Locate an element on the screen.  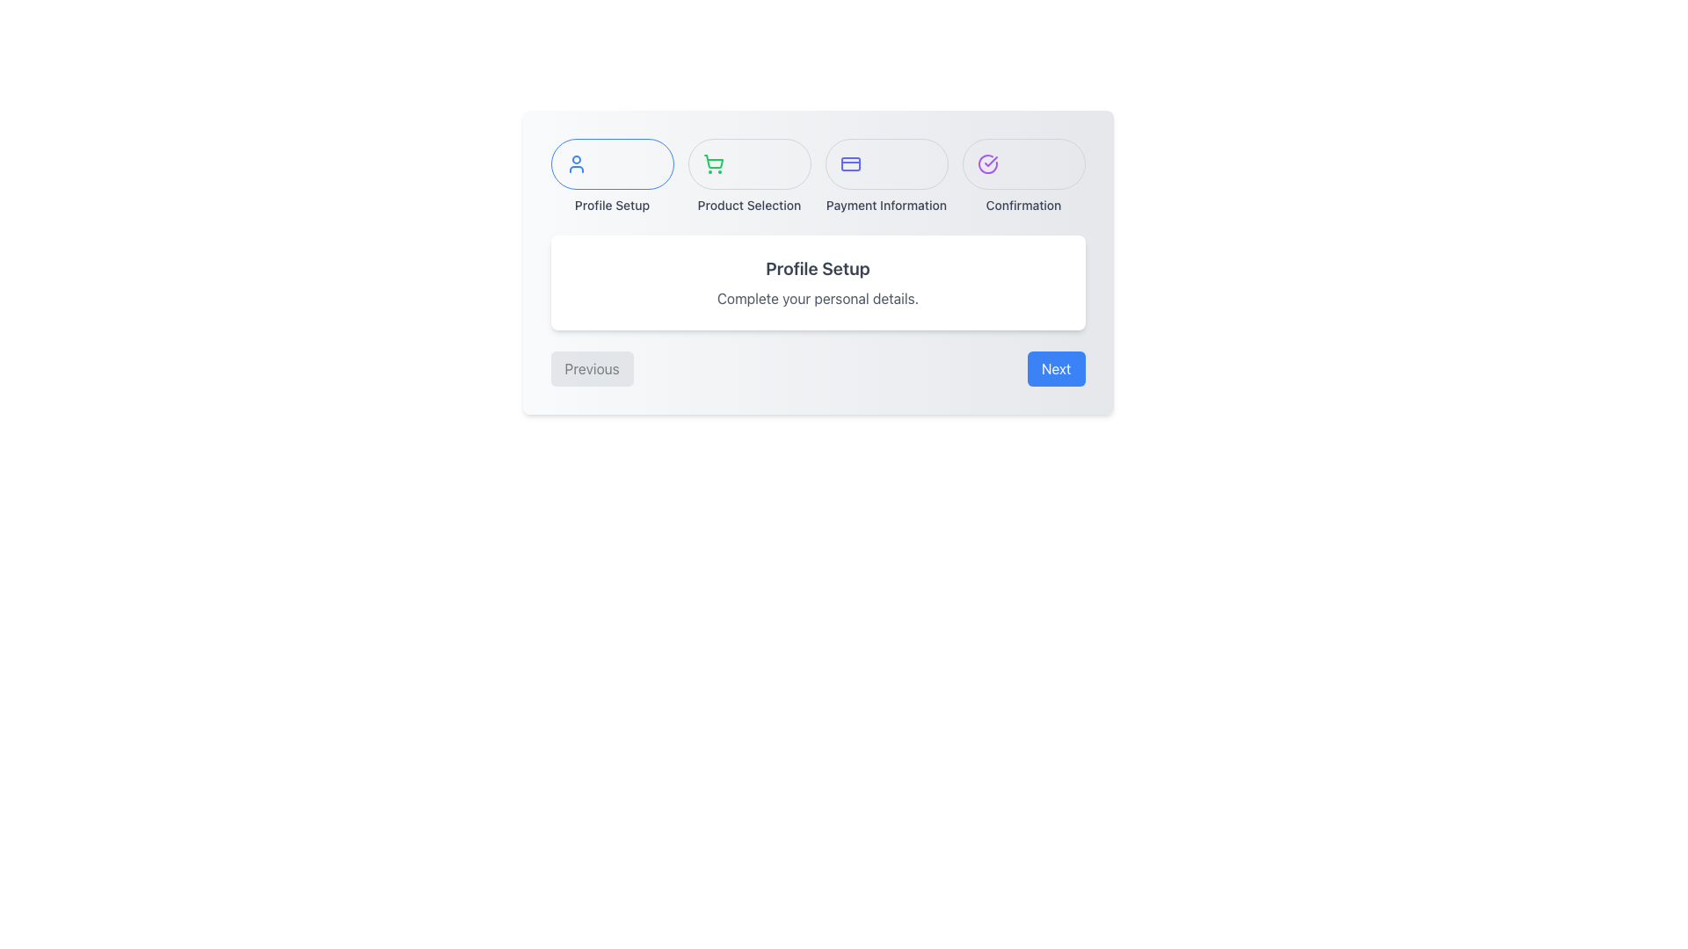
text from the 'Profile Setup' title located in the center of a white, rounded and shadowed box is located at coordinates (817, 268).